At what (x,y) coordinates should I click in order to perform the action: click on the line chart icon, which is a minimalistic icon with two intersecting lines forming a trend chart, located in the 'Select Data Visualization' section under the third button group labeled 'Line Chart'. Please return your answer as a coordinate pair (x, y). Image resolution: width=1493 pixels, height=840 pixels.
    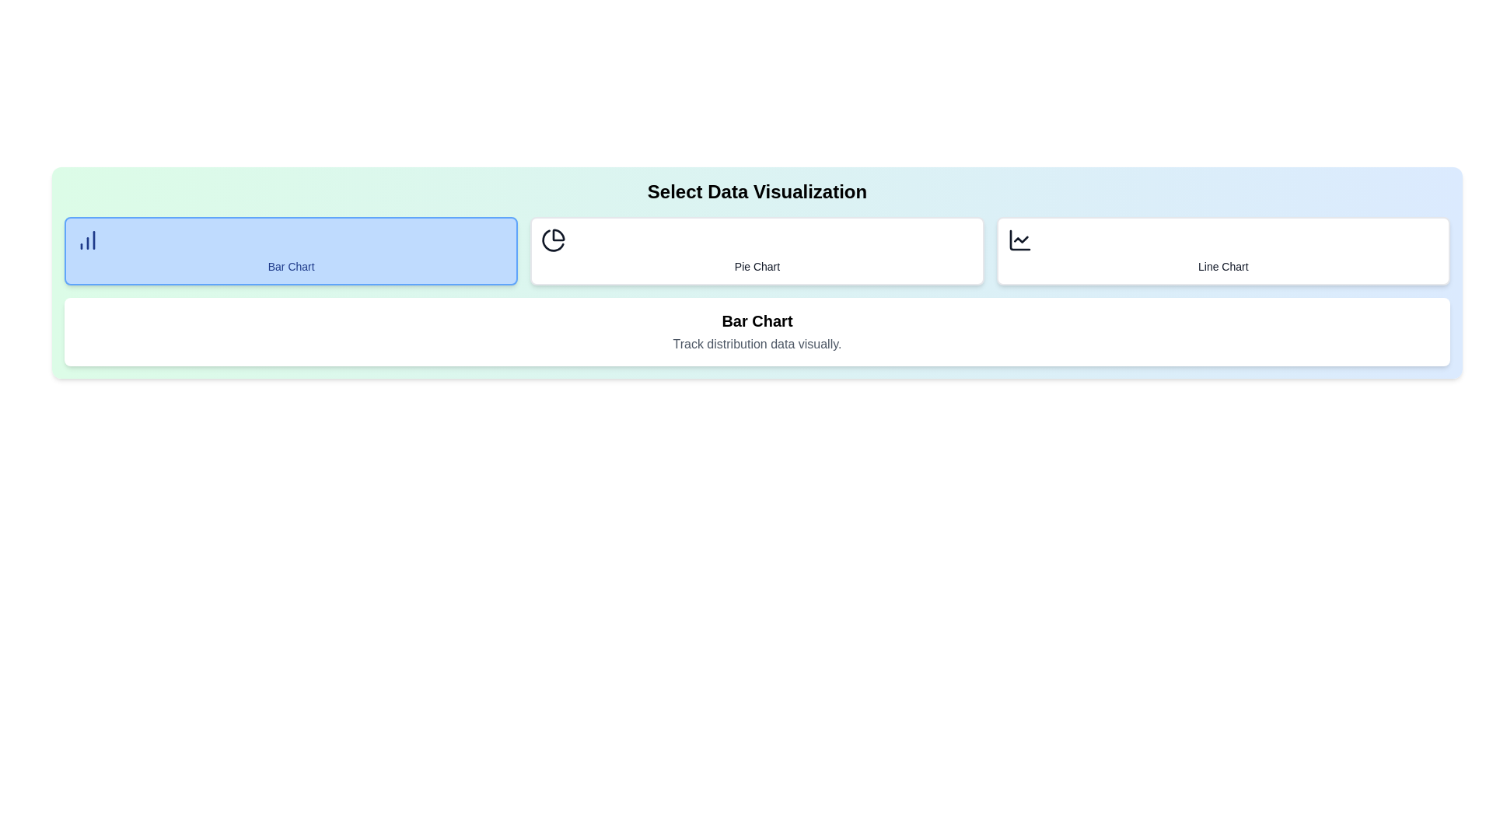
    Looking at the image, I should click on (1019, 240).